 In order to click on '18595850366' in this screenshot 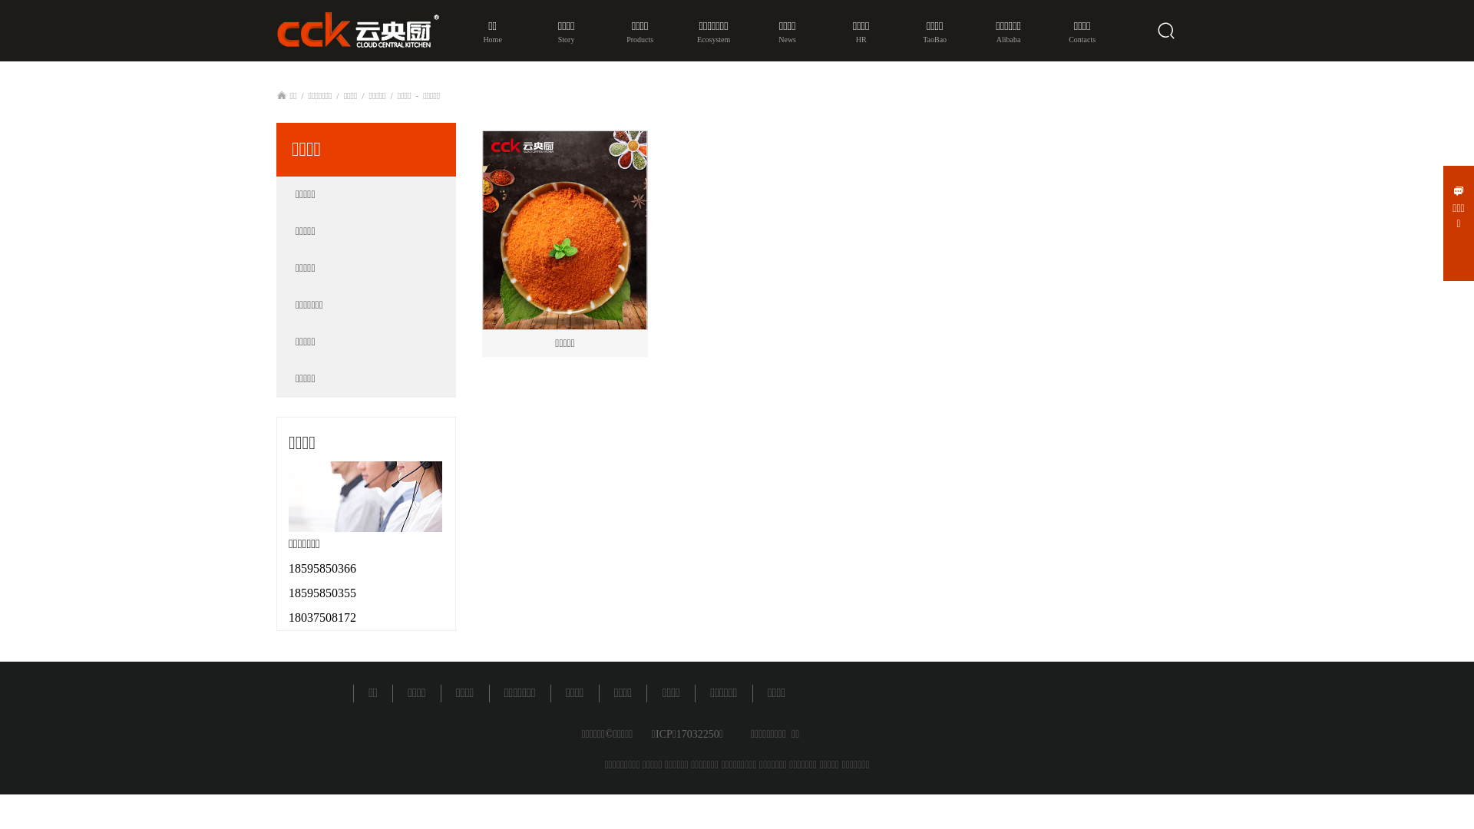, I will do `click(322, 568)`.